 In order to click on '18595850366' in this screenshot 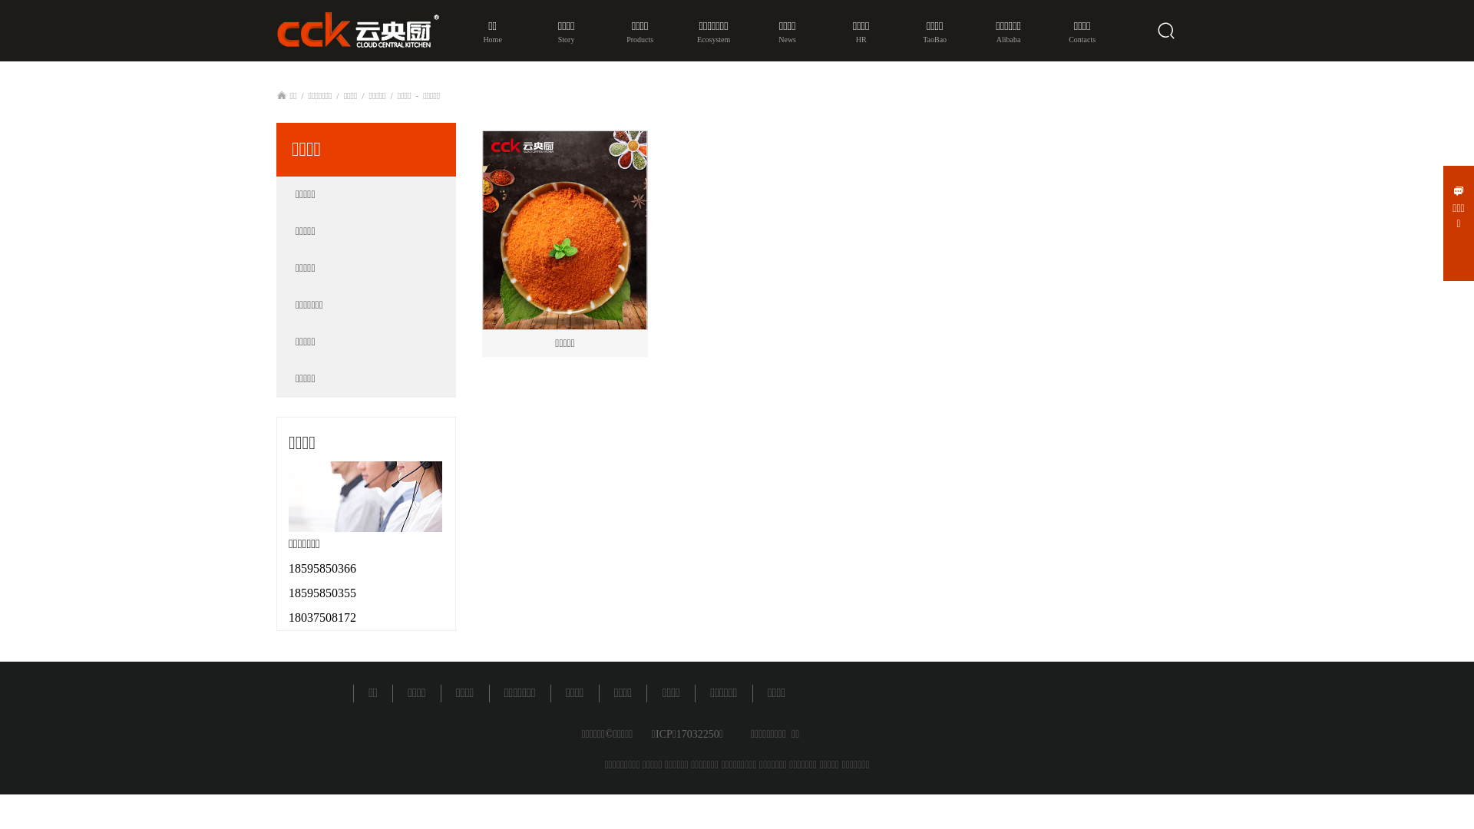, I will do `click(322, 568)`.